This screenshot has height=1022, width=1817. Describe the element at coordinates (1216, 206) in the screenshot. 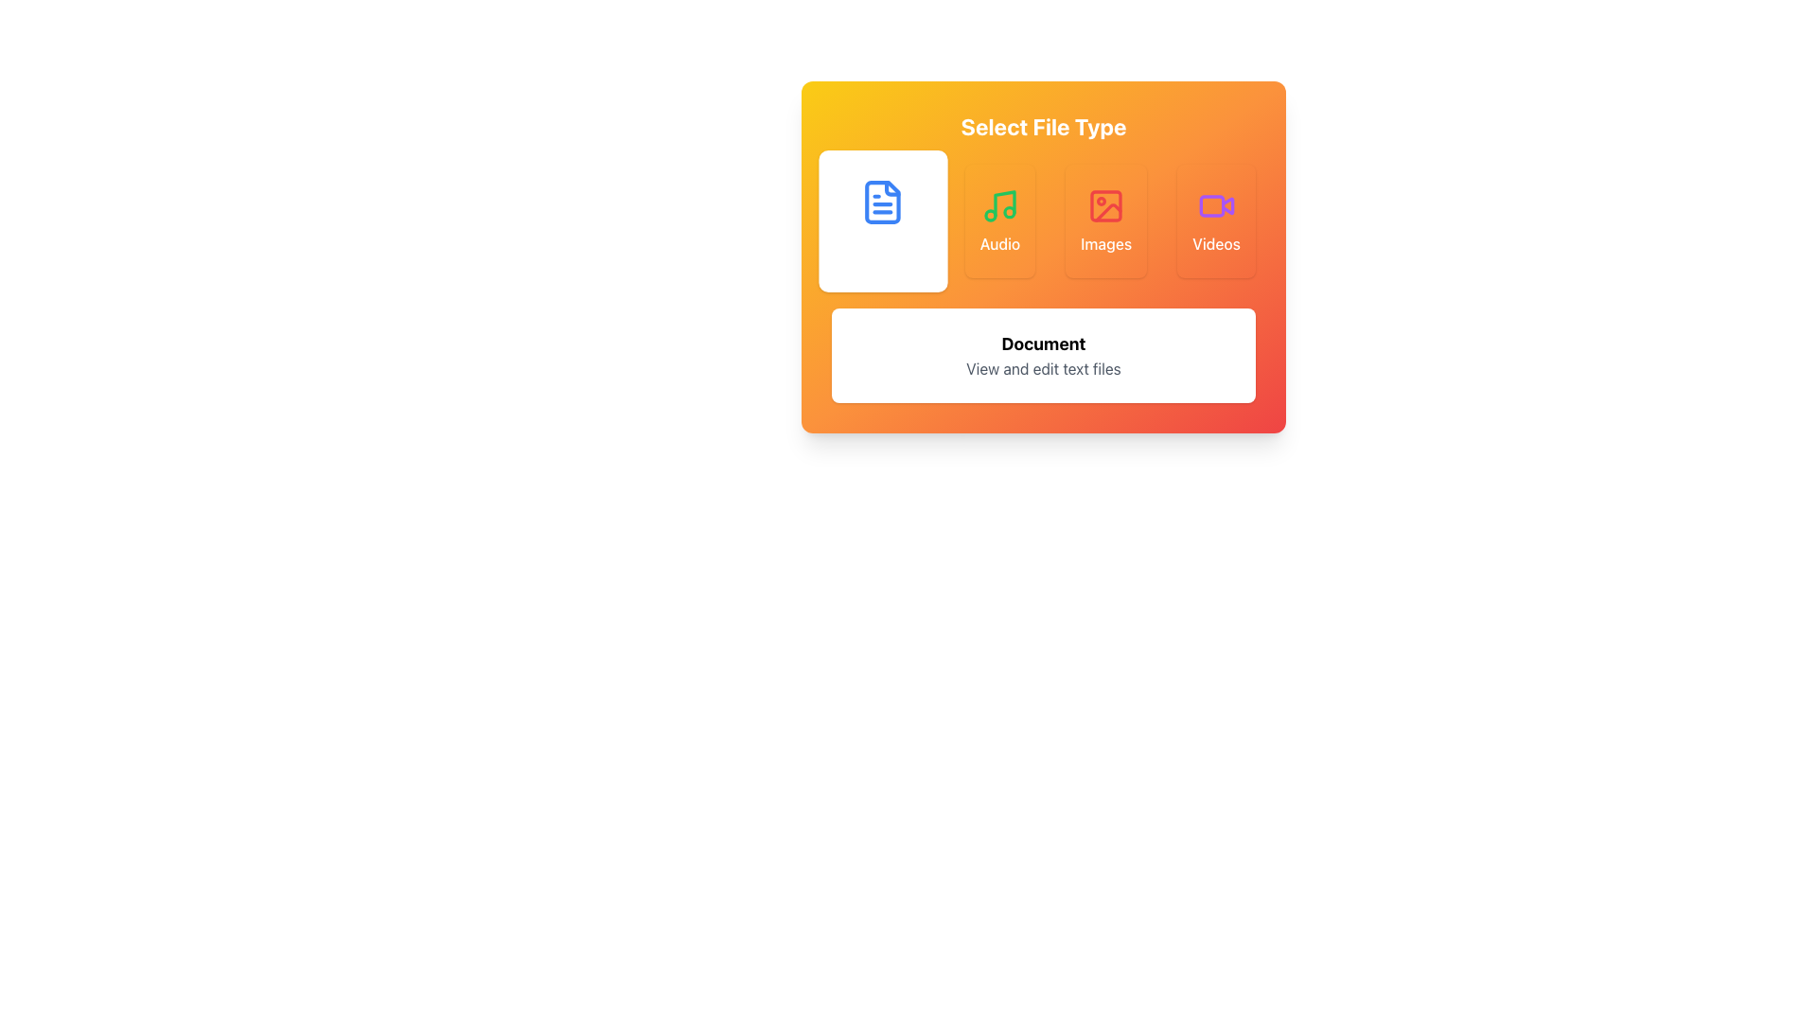

I see `the purple video camera icon located on the orange gradient button, which is the fourth option in the horizontal list under the 'Select File Type' heading` at that location.